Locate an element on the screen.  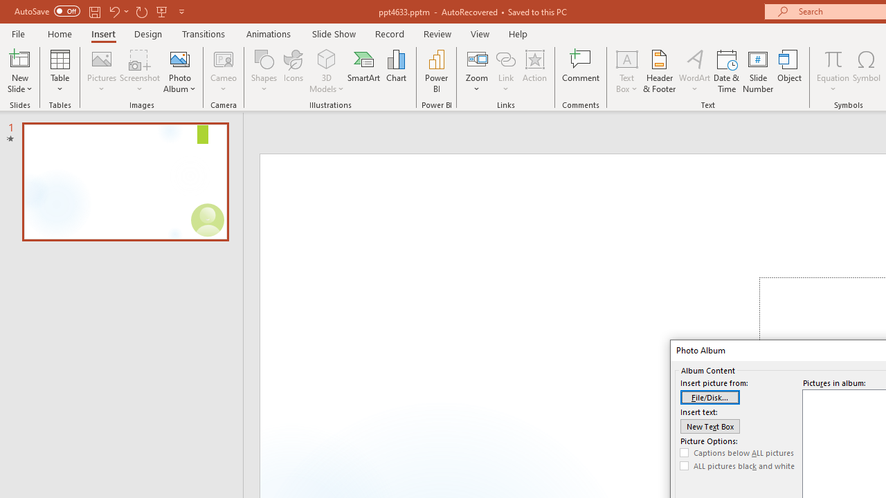
'Draw Horizontal Text Box' is located at coordinates (626, 58).